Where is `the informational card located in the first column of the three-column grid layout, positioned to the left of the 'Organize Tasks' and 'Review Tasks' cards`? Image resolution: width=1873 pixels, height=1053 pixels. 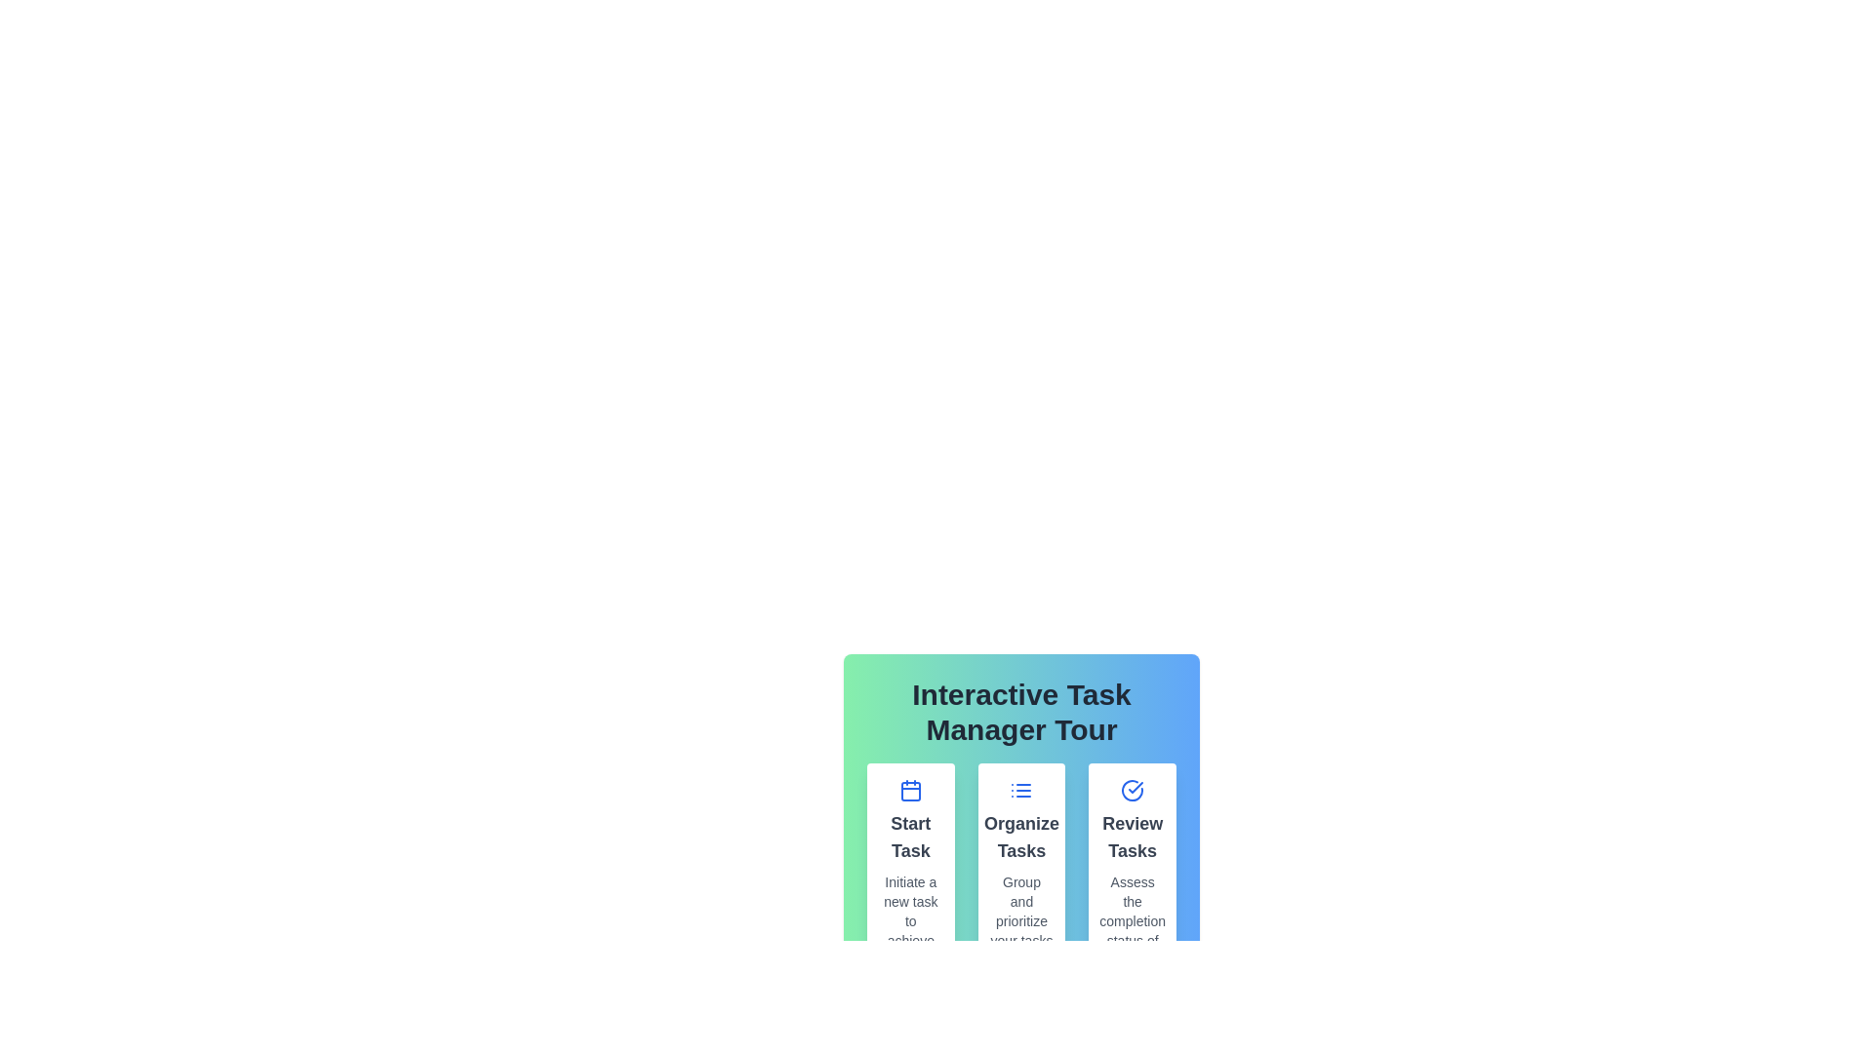
the informational card located in the first column of the three-column grid layout, positioned to the left of the 'Organize Tasks' and 'Review Tasks' cards is located at coordinates (909, 883).